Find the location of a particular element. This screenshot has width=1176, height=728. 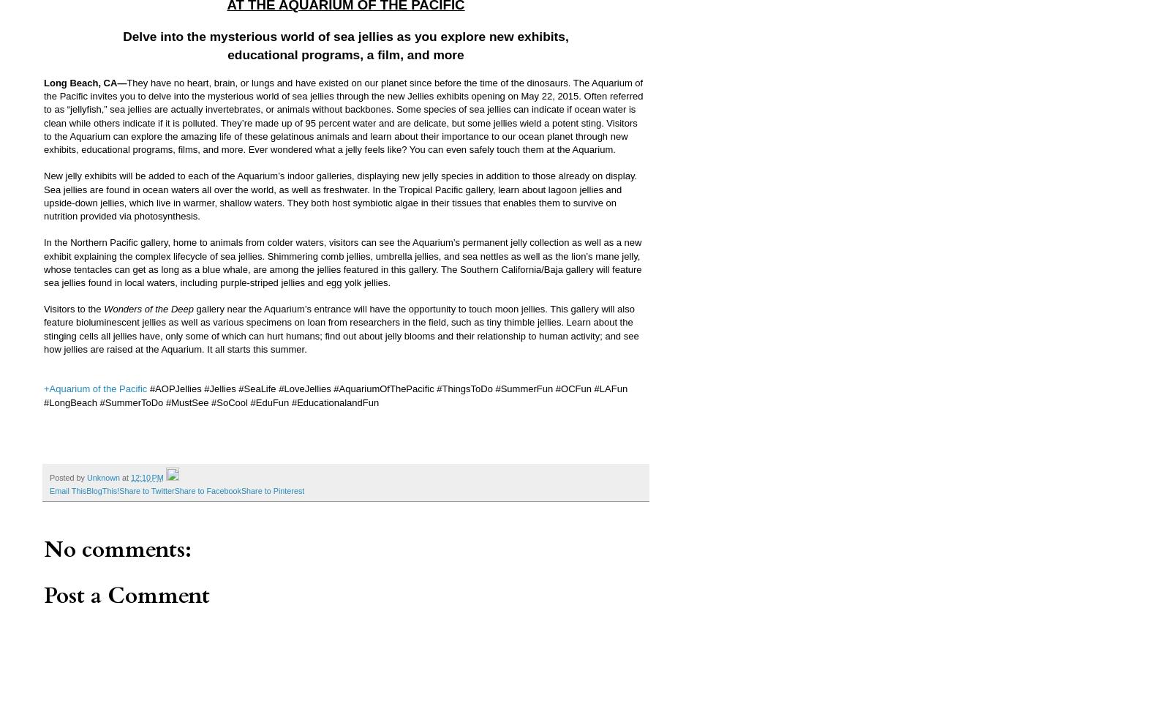

'In the Northern Pacific gallery, home to animals from colder waters, visitors can see the Aquarium’s permanent jelly collection as well as a new exhibit explaining the complex lifecycle of sea jellies. Shimmering comb jellies, umbrella jellies, and sea nettles as well as the lion’s mane jelly, whose tentacles can get as long as a blue whale, are among the jellies featured in this gallery. The Southern California/Baja gallery will feature sea jellies found in local waters, including purple-striped jellies and egg yolk jellies.' is located at coordinates (342, 261).